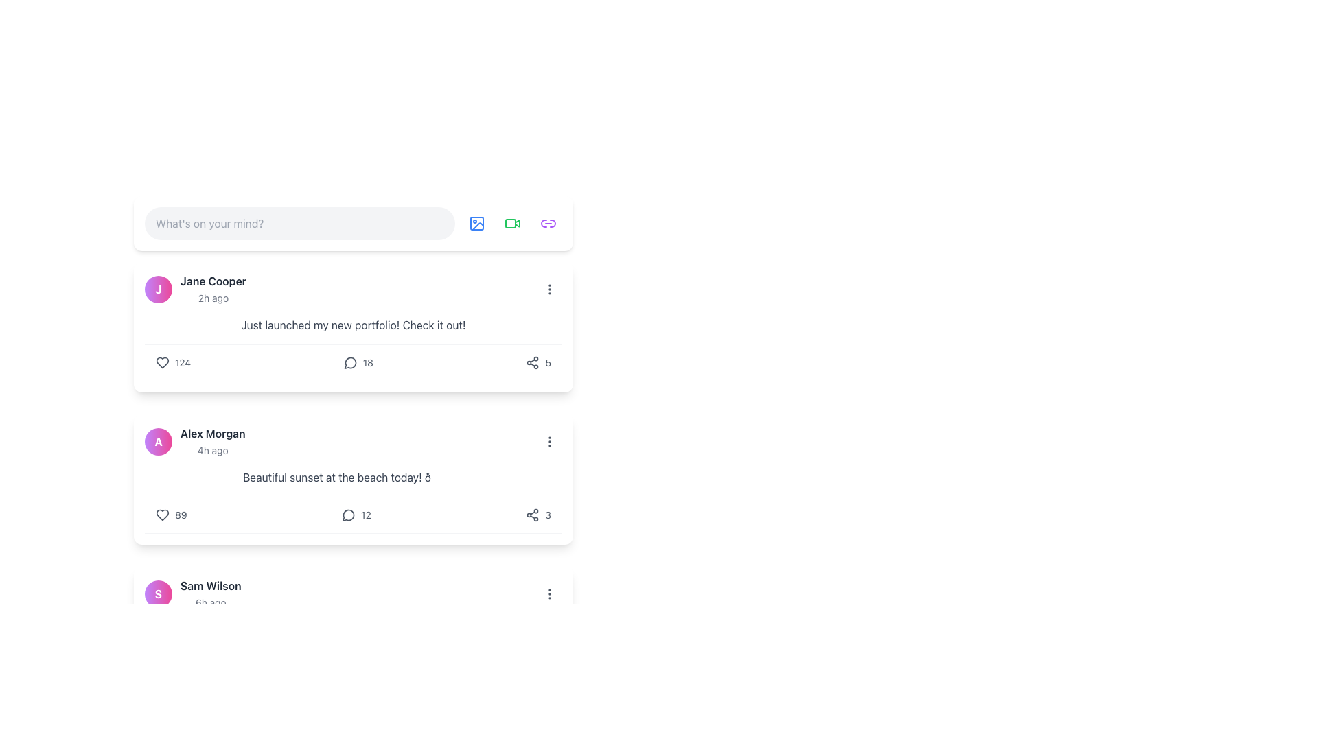 This screenshot has width=1318, height=741. What do you see at coordinates (550, 442) in the screenshot?
I see `the vertical ellipsis button located at the top-right corner of the card for user 'Alex Morgan', which is represented by three vertically aligned dots` at bounding box center [550, 442].